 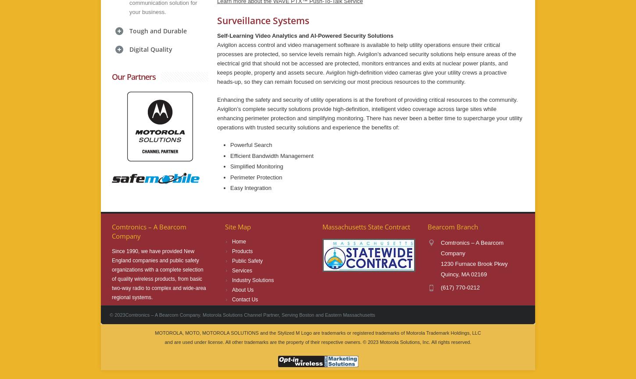 What do you see at coordinates (418, 341) in the screenshot?
I see `'2023 
        Motorola Solutions, Inc. All rights reserved.'` at bounding box center [418, 341].